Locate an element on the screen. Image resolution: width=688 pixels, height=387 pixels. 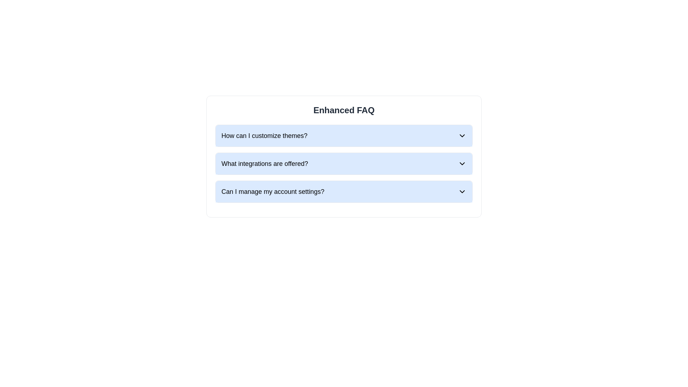
the first item in the FAQ list is located at coordinates (344, 135).